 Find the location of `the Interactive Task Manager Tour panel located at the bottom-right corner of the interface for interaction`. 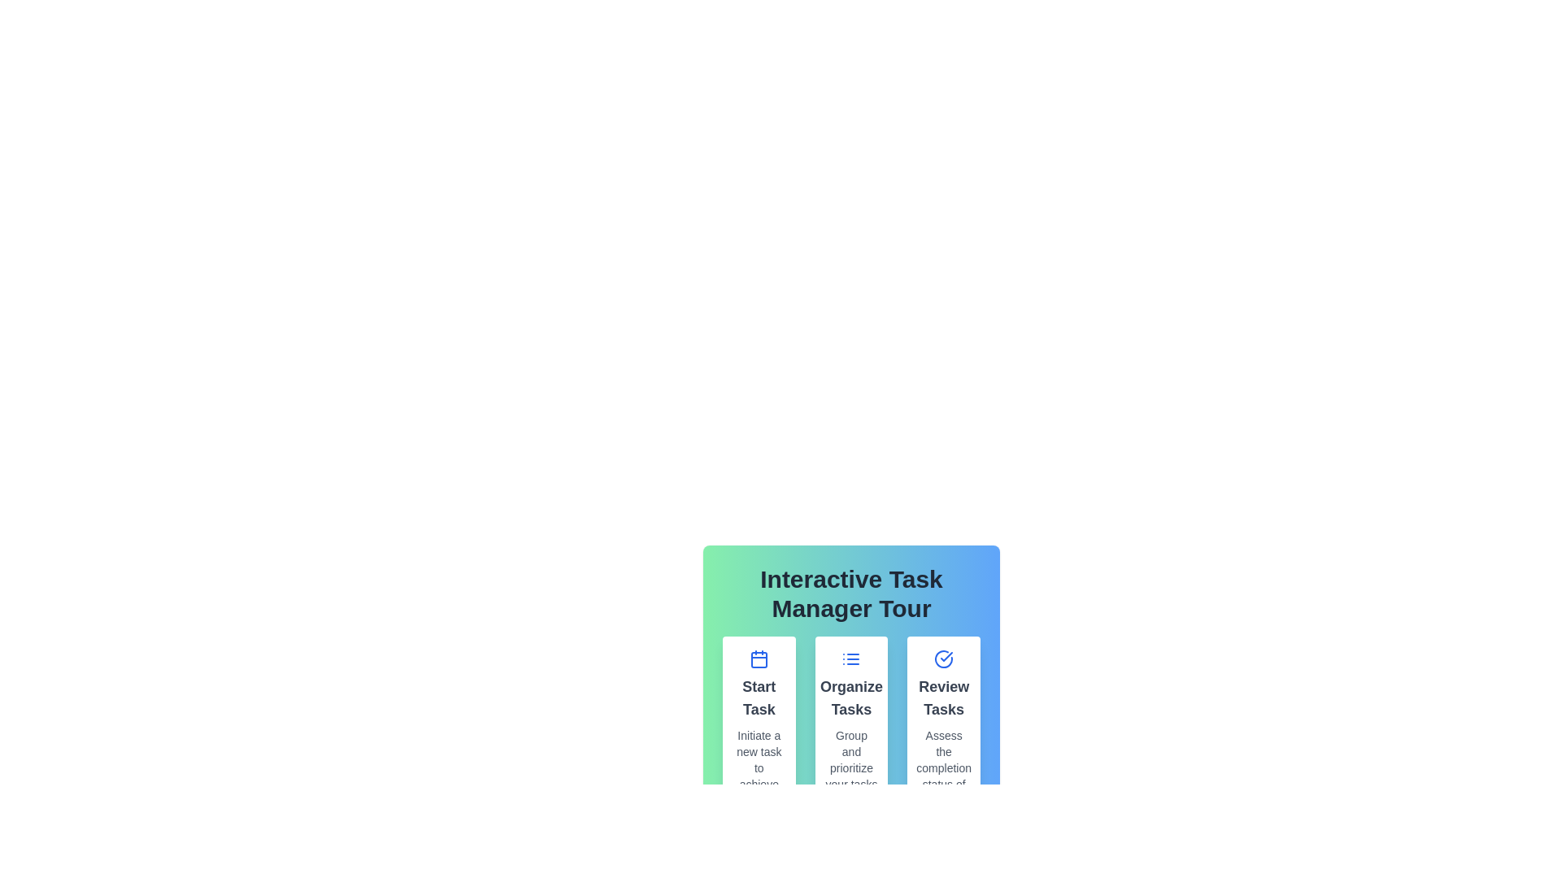

the Interactive Task Manager Tour panel located at the bottom-right corner of the interface for interaction is located at coordinates (850, 654).